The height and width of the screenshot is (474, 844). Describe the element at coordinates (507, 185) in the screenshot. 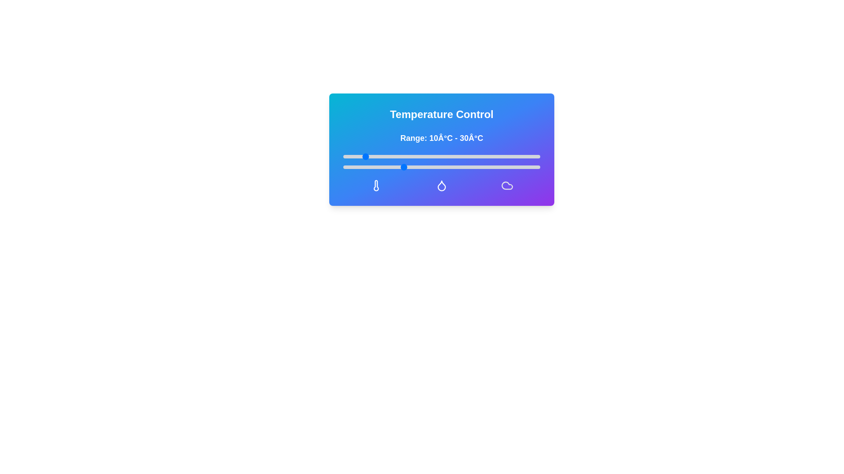

I see `the rightmost icon in the bottom row of icons, which resembles a cloud outline and is associated with weather or cloud data, within the 'Temperature Control' card` at that location.